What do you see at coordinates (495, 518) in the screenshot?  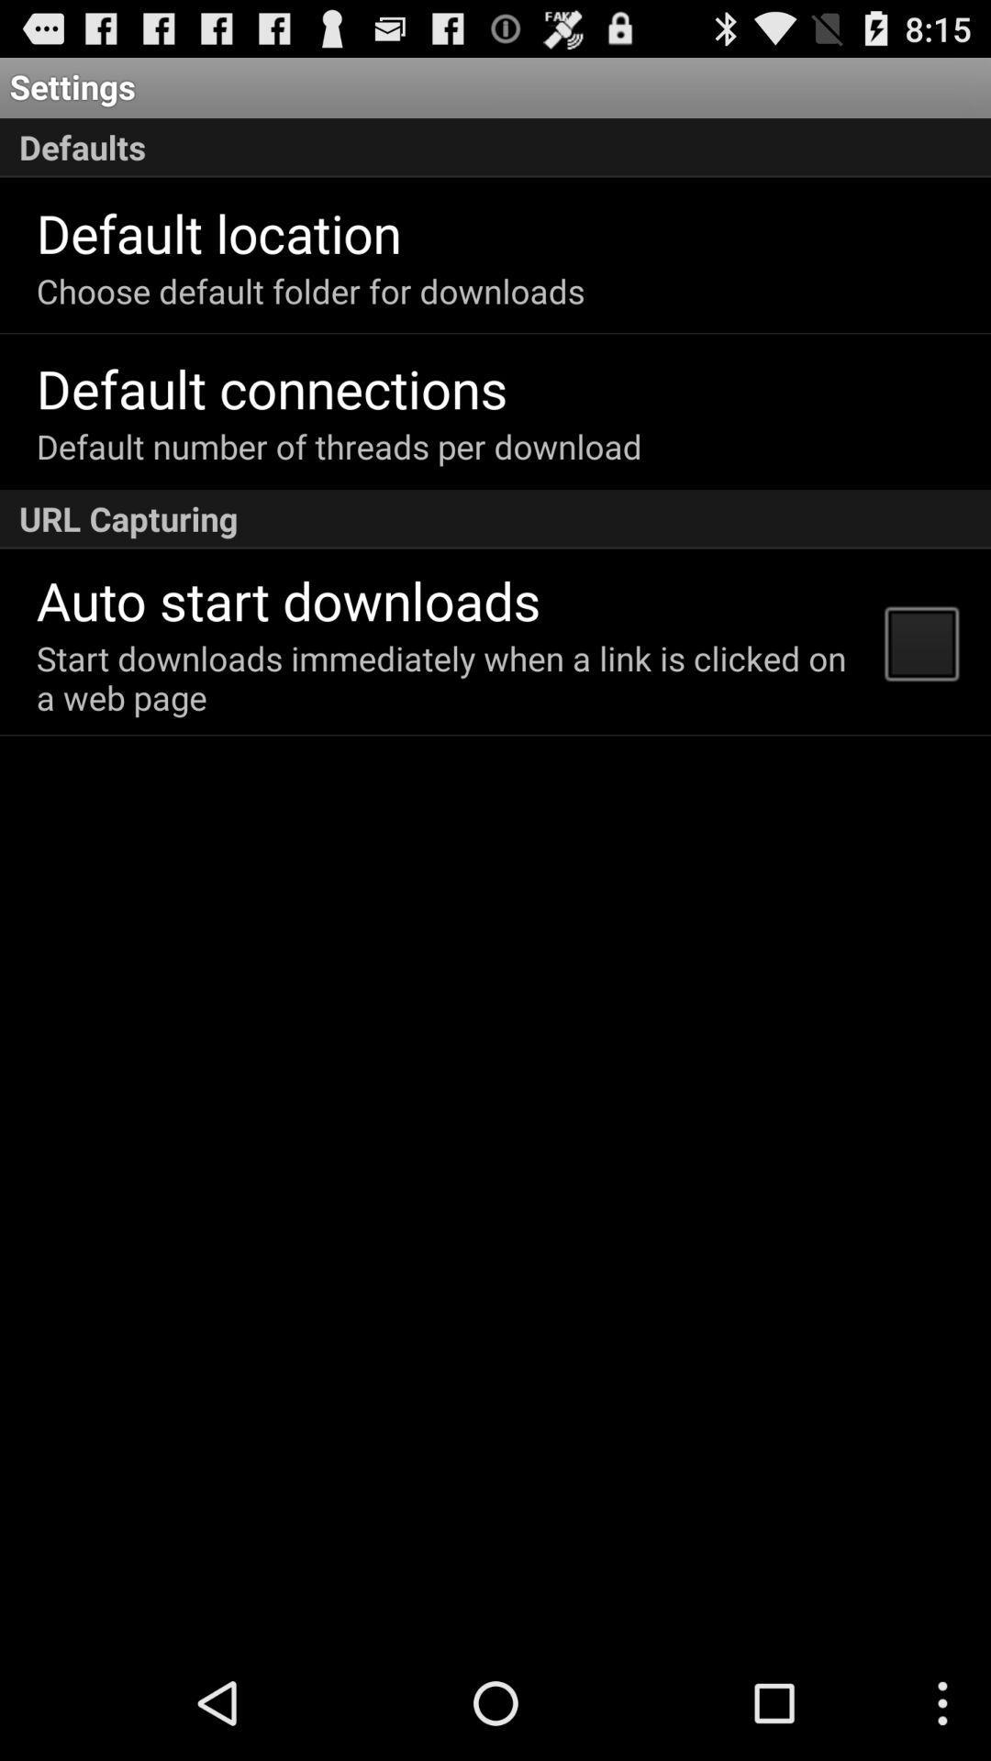 I see `the icon above the auto start downloads item` at bounding box center [495, 518].